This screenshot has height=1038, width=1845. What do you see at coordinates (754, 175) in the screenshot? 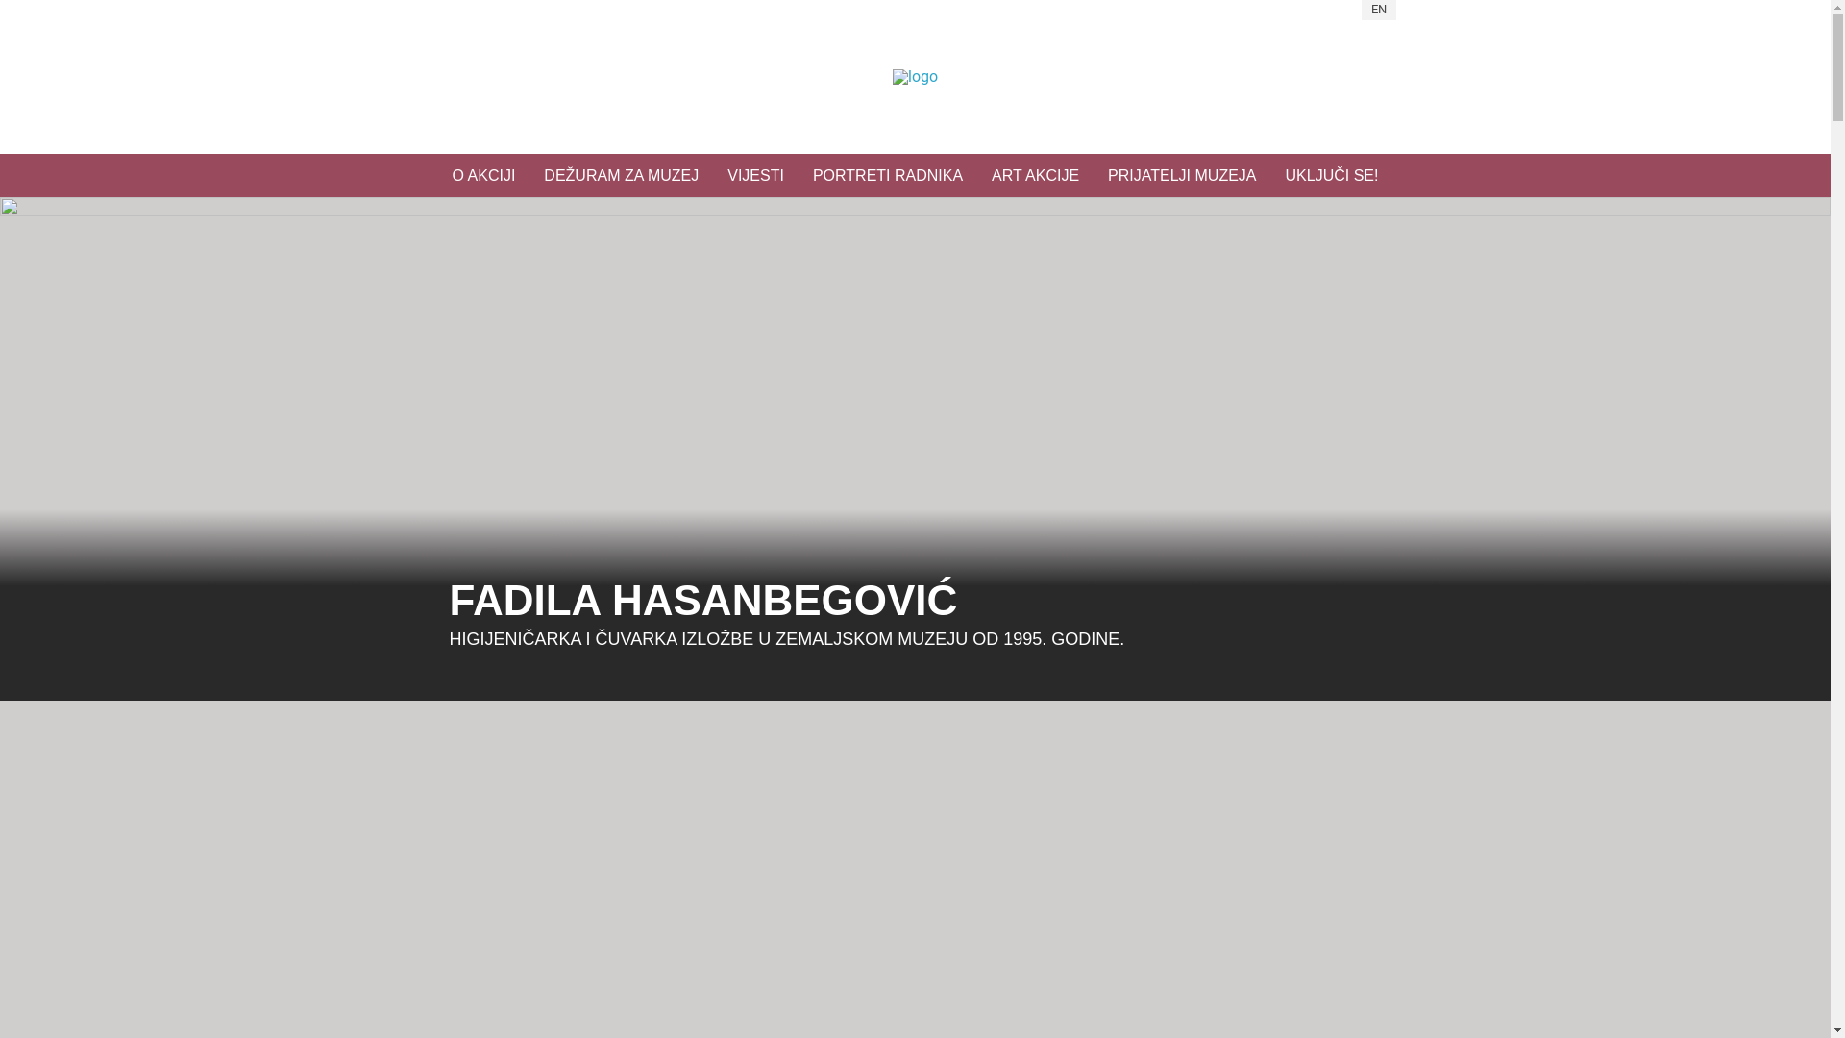
I see `'VIJESTI'` at bounding box center [754, 175].